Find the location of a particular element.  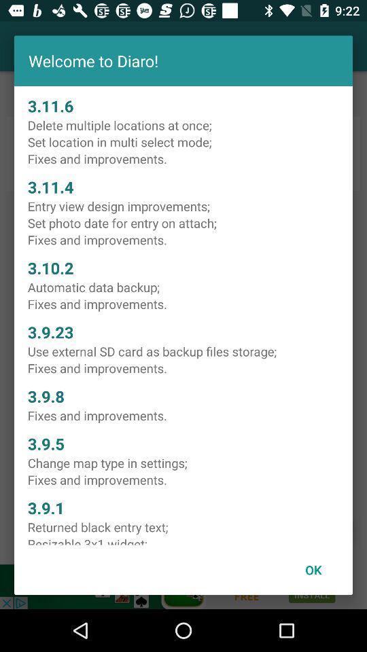

item at the bottom right corner is located at coordinates (313, 570).